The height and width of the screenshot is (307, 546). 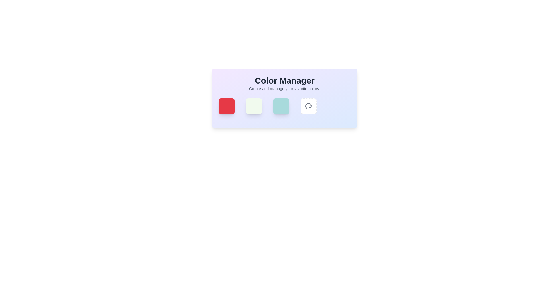 I want to click on the Text block that serves as the title and description for the 'Color Manager' feature, located at the upper section of the card with a gradient blue and purple background, so click(x=285, y=83).